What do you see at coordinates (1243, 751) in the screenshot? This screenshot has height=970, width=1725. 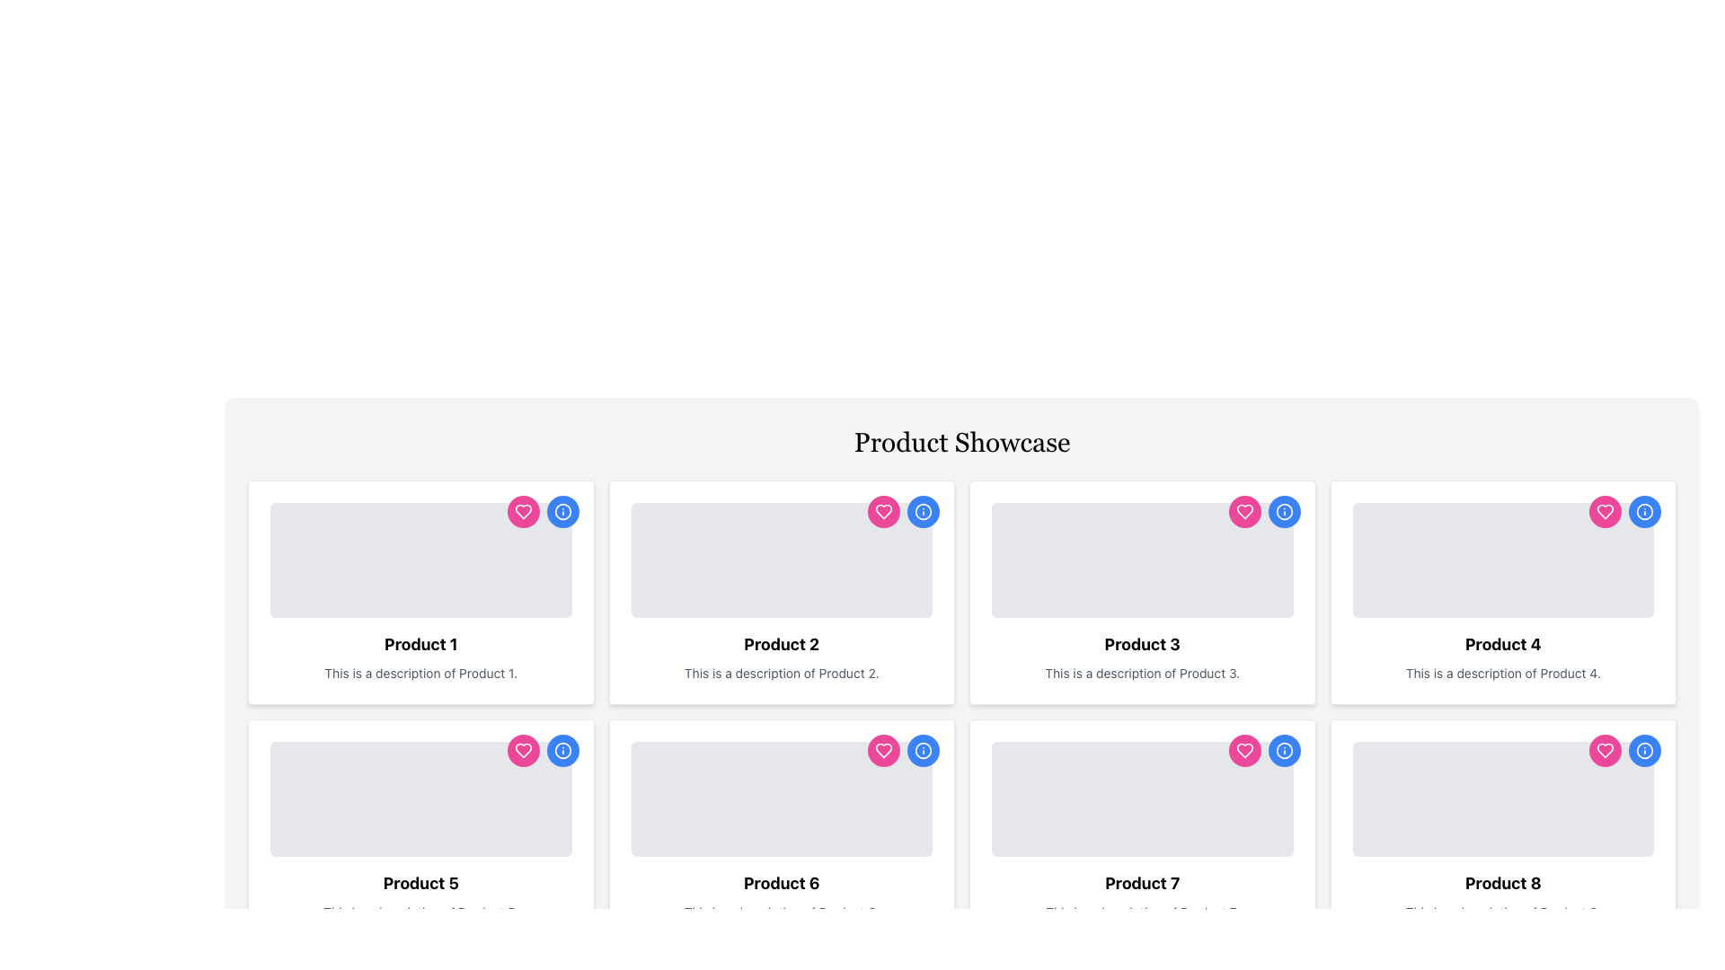 I see `the heart icon located at the top-right corner of the 'Product 3' card` at bounding box center [1243, 751].